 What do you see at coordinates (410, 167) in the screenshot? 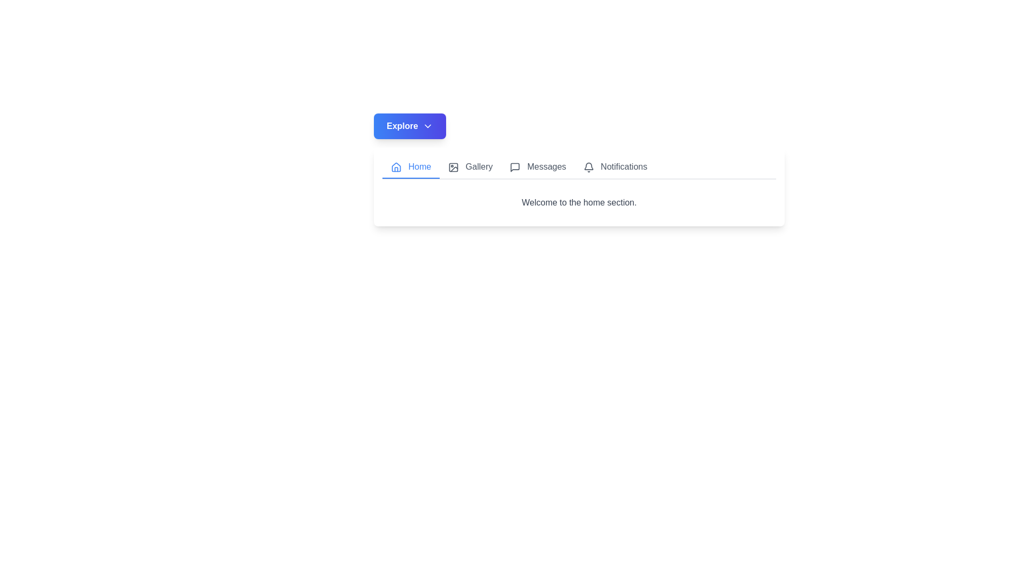
I see `the active 'Home' navigation tab` at bounding box center [410, 167].